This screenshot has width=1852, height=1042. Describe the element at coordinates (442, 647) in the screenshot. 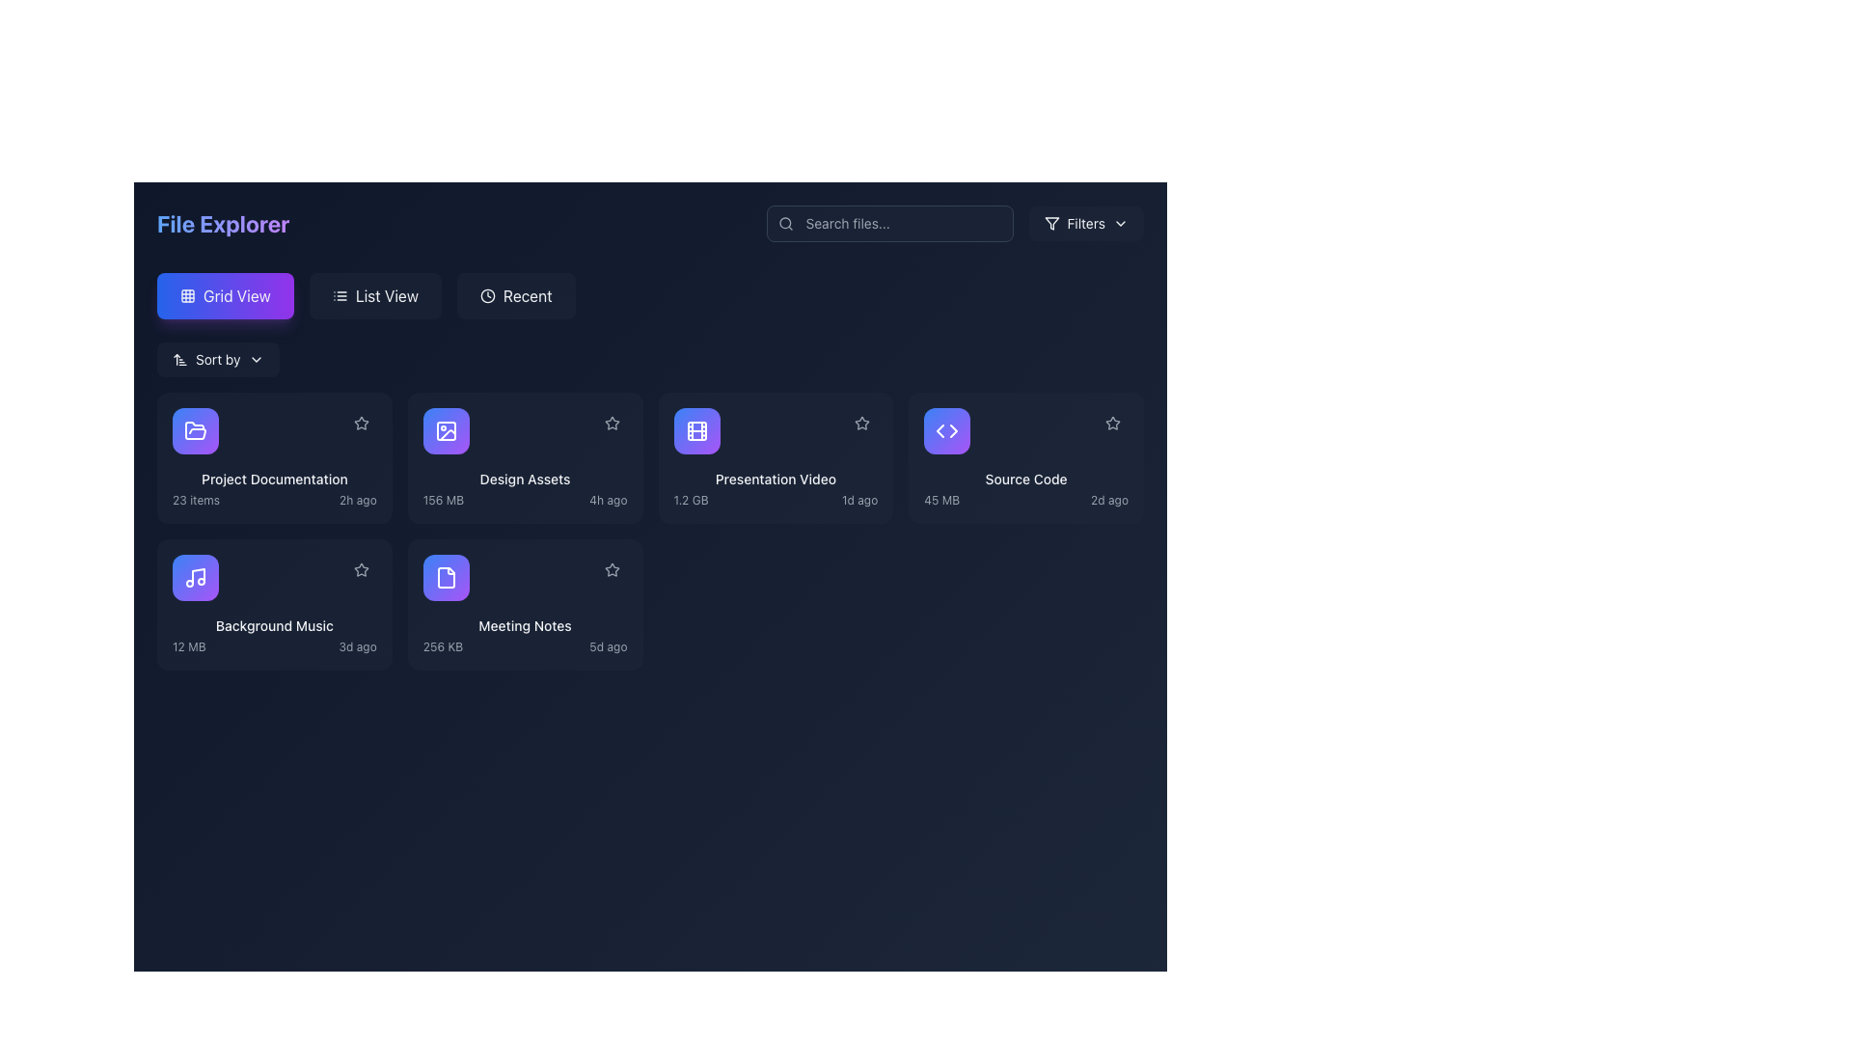

I see `the text label displaying '256 KB', which is positioned below the file title in the 'Meeting Notes' card, aligned to the left next to '5d ago'` at that location.